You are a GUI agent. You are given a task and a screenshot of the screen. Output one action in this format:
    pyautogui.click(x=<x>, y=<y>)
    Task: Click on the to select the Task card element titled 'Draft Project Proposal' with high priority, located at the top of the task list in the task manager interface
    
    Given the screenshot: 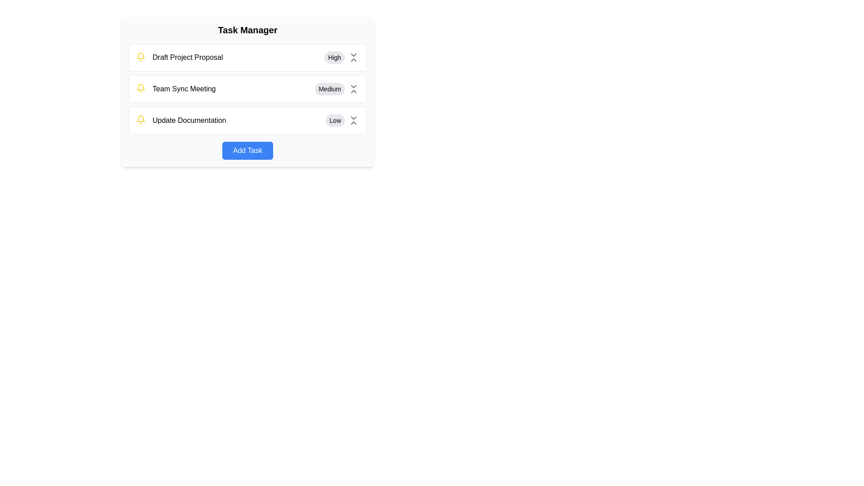 What is the action you would take?
    pyautogui.click(x=247, y=57)
    